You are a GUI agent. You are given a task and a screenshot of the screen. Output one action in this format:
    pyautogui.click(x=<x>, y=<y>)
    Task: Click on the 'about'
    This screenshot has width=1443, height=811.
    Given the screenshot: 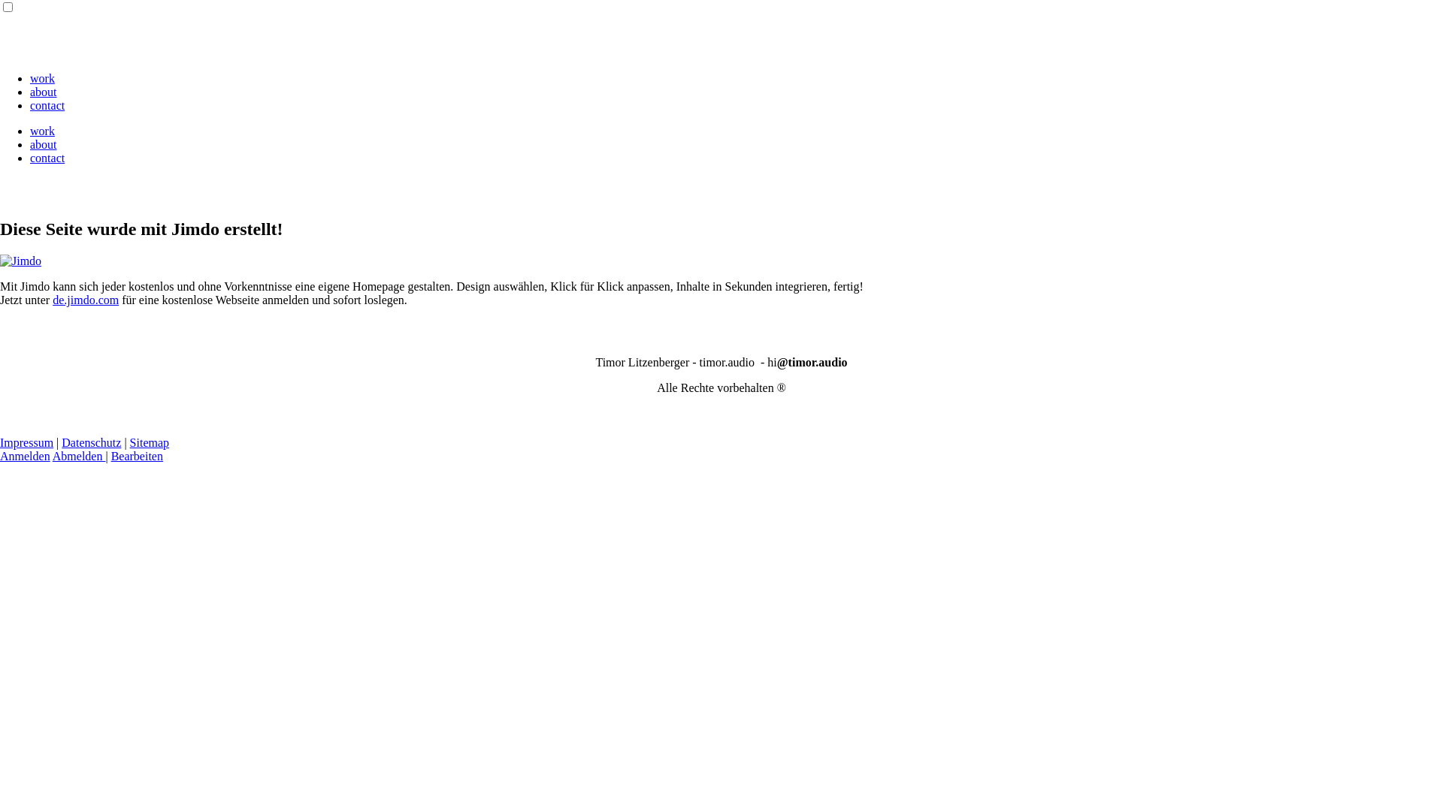 What is the action you would take?
    pyautogui.click(x=29, y=144)
    